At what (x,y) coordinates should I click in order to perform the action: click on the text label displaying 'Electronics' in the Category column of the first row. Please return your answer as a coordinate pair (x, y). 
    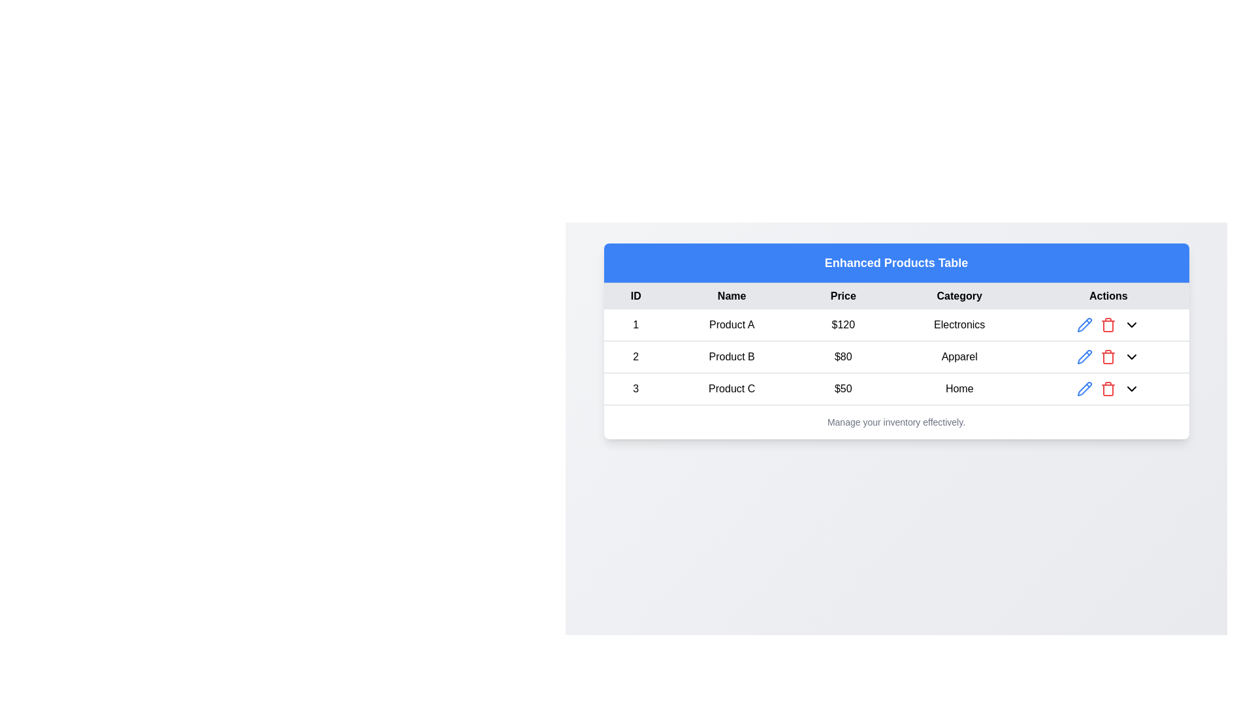
    Looking at the image, I should click on (959, 324).